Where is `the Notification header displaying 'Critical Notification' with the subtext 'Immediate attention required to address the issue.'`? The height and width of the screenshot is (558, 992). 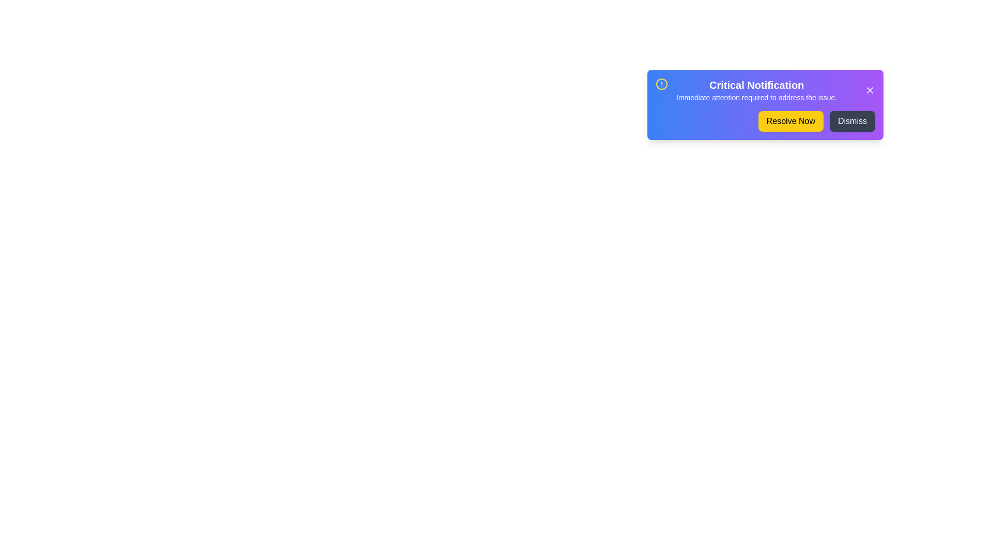 the Notification header displaying 'Critical Notification' with the subtext 'Immediate attention required to address the issue.' is located at coordinates (765, 89).